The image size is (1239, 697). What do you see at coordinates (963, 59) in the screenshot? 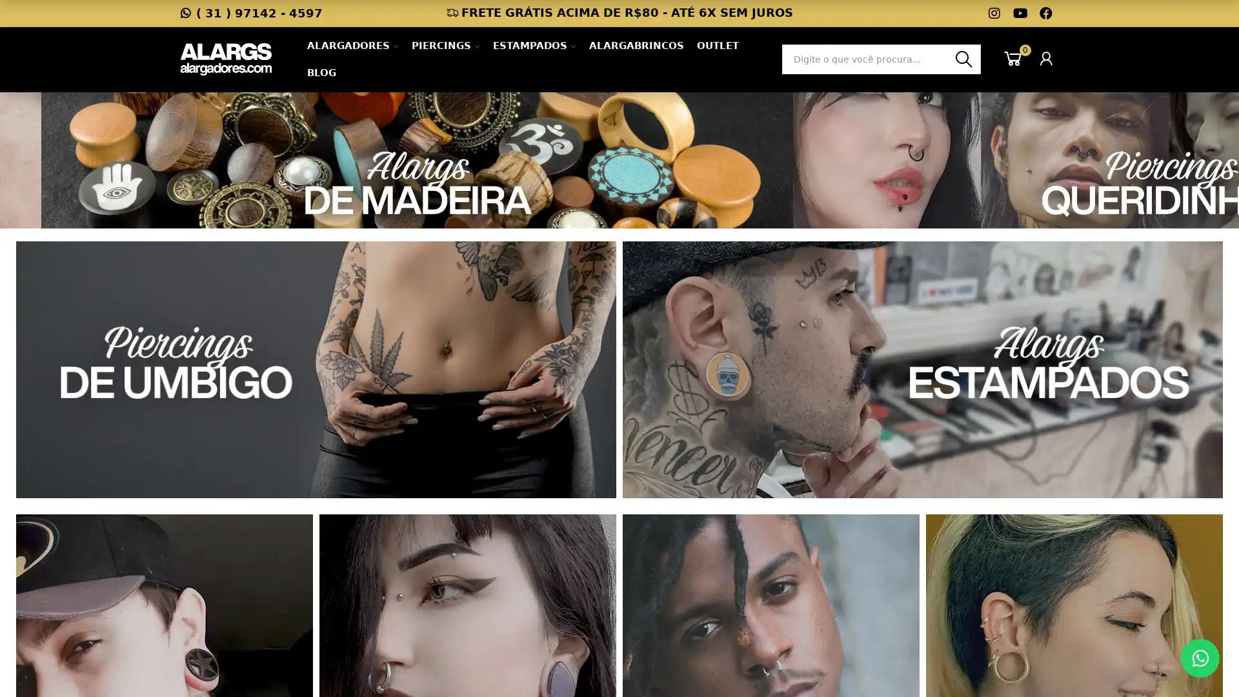
I see `Busca` at bounding box center [963, 59].